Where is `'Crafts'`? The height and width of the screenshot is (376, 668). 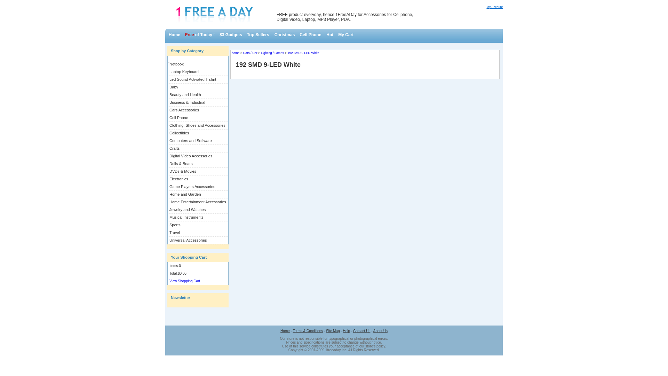 'Crafts' is located at coordinates (198, 148).